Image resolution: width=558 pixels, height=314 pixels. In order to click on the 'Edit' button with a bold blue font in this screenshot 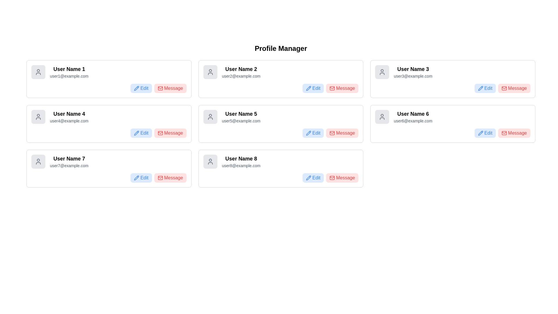, I will do `click(316, 133)`.